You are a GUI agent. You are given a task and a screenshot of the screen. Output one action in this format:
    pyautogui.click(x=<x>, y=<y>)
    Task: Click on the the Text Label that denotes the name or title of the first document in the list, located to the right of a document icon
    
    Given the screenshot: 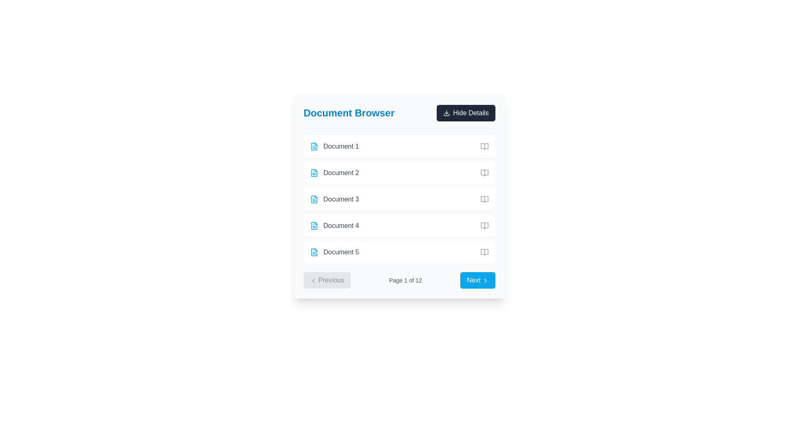 What is the action you would take?
    pyautogui.click(x=341, y=146)
    